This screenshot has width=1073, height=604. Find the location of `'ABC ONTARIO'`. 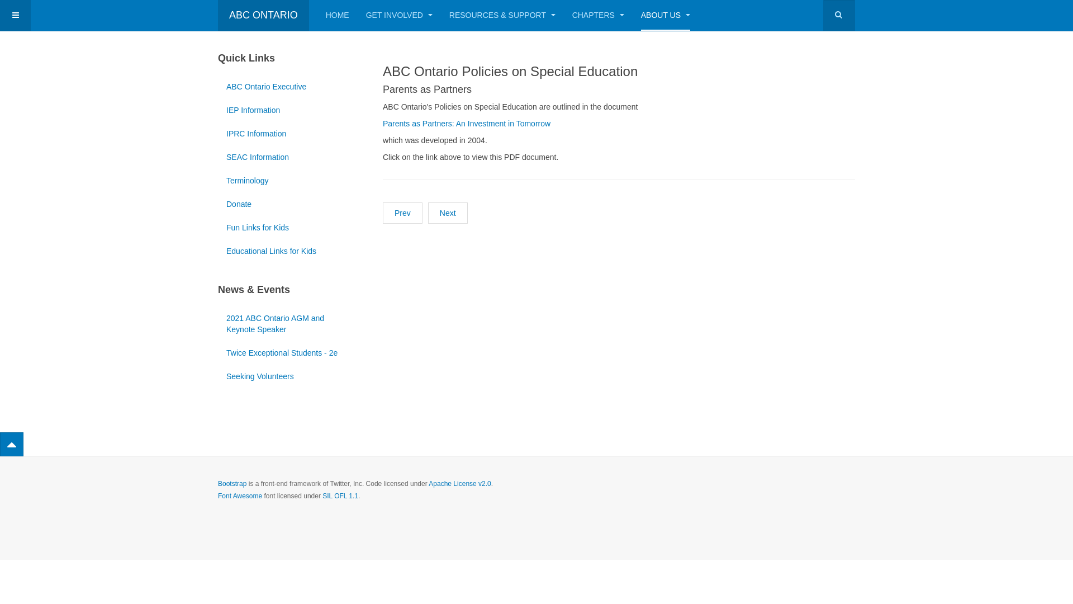

'ABC ONTARIO' is located at coordinates (263, 15).